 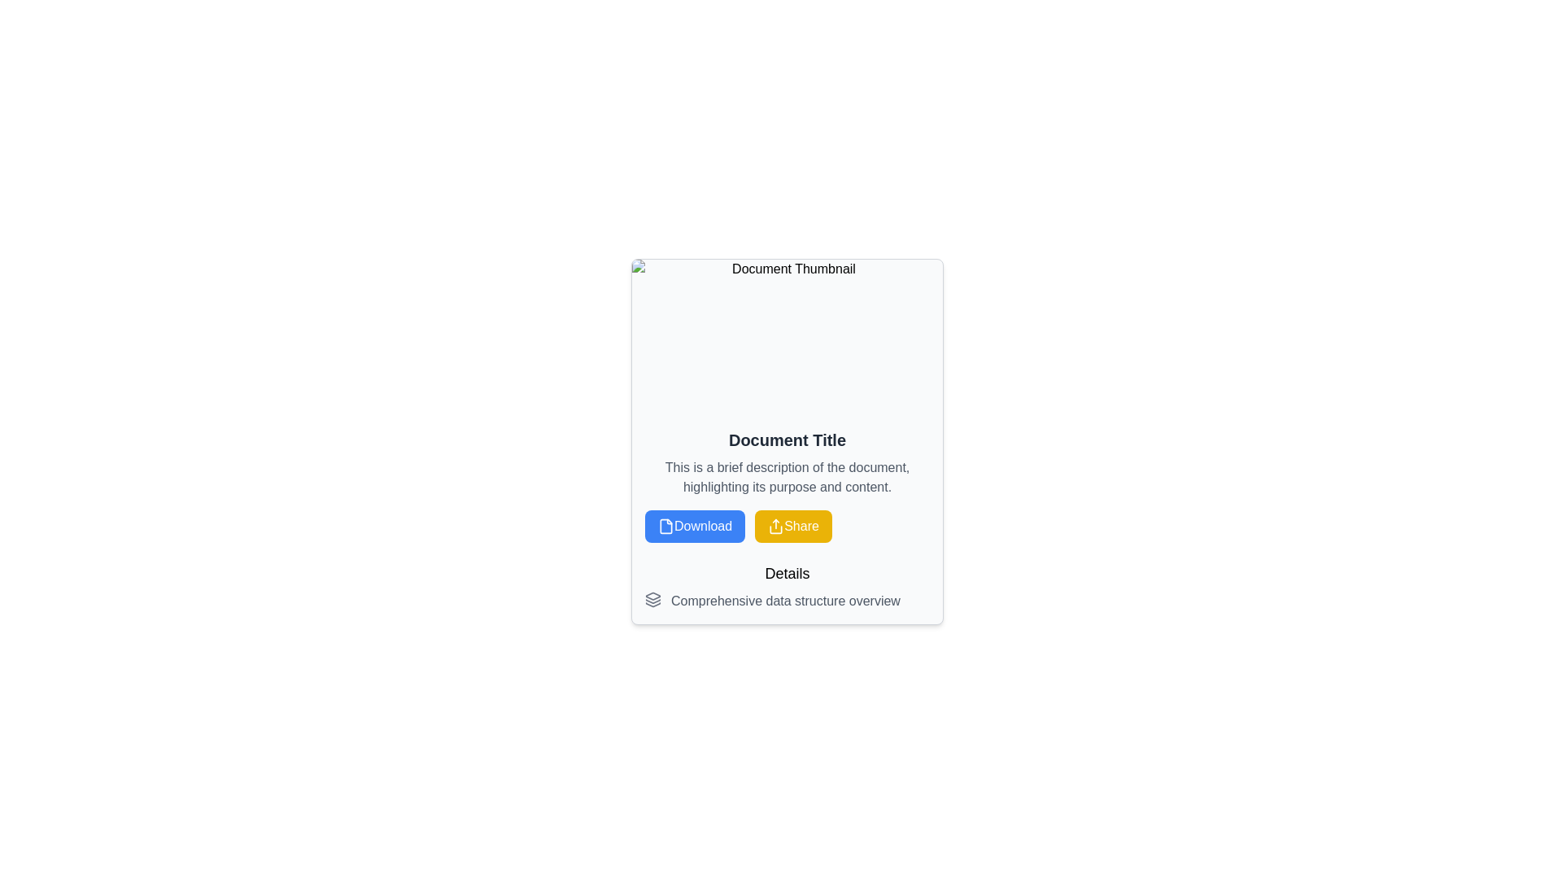 I want to click on text element that reads 'Comprehensive data structure overview.' which is accompanied by an icon resembling stacked layers, located below the 'Details' header, so click(x=788, y=601).